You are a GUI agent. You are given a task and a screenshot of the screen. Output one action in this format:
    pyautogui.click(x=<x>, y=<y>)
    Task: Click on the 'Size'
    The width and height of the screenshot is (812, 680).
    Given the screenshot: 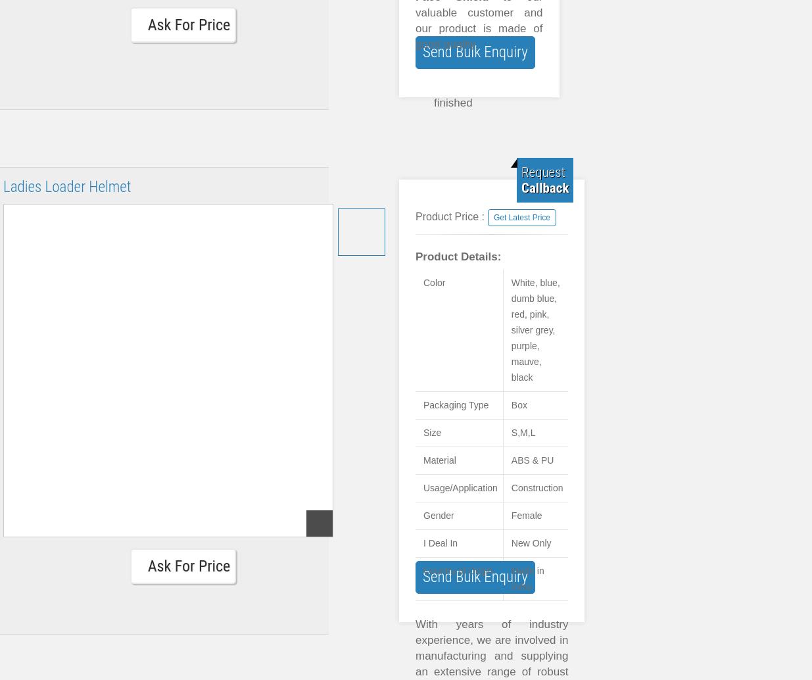 What is the action you would take?
    pyautogui.click(x=432, y=433)
    